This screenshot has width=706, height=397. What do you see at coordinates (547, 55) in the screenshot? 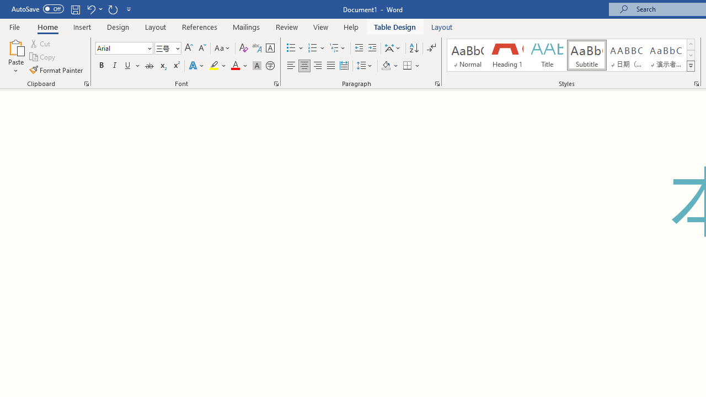
I see `'Title'` at bounding box center [547, 55].